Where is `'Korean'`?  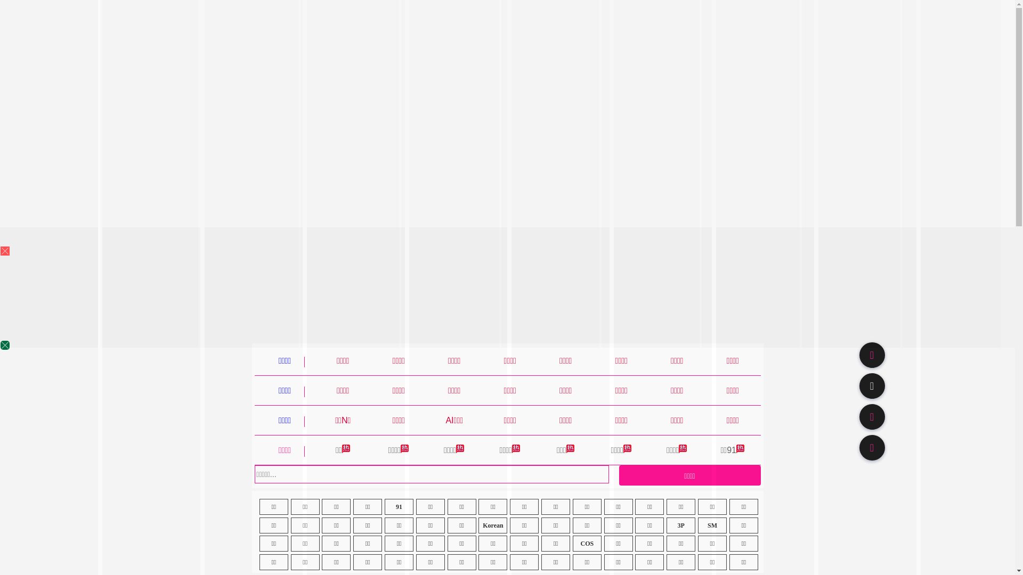 'Korean' is located at coordinates (477, 525).